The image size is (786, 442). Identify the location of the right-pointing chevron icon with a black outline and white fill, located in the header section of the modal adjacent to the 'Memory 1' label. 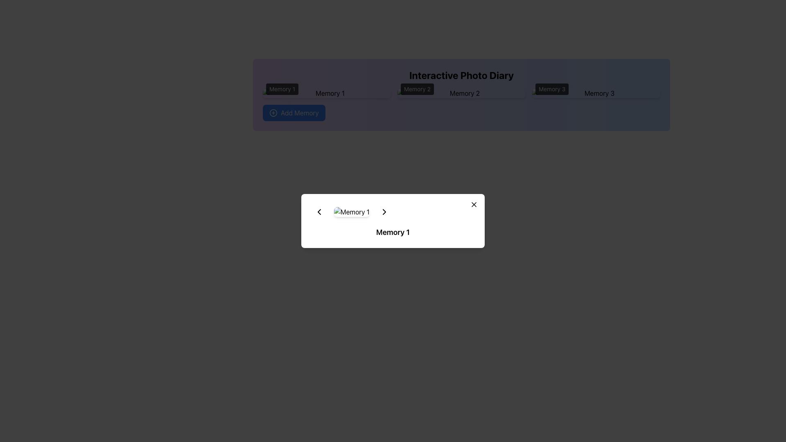
(384, 211).